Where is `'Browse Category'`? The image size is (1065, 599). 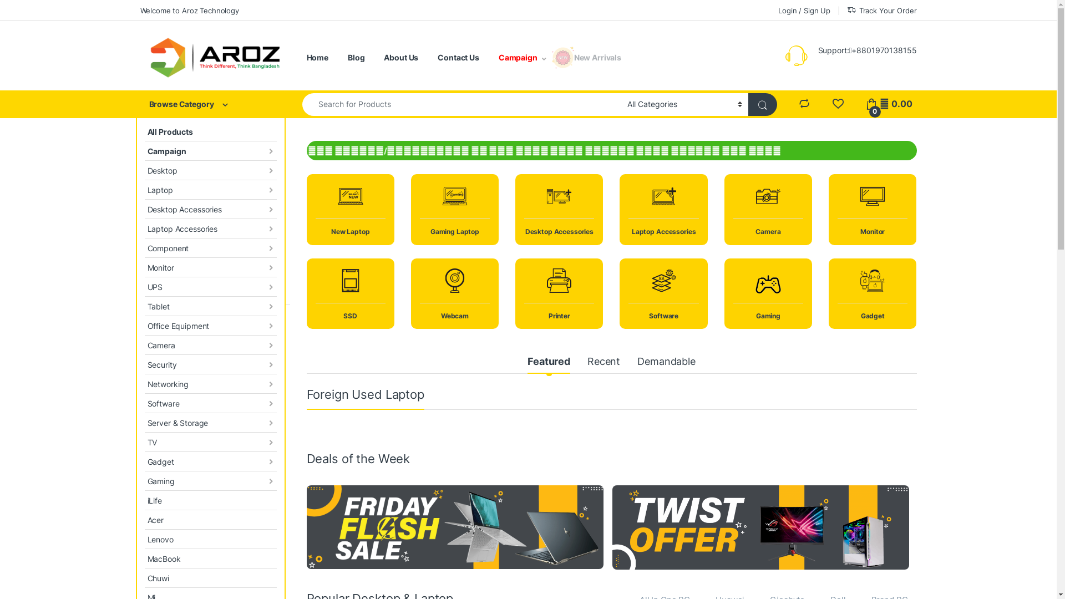 'Browse Category' is located at coordinates (210, 104).